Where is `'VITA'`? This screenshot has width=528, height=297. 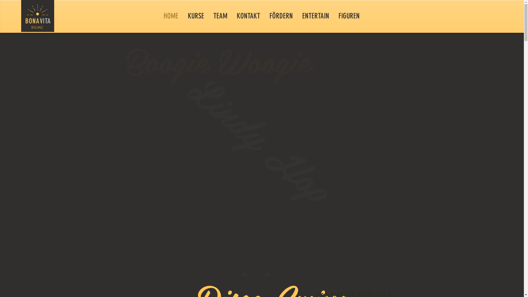
'VITA' is located at coordinates (45, 21).